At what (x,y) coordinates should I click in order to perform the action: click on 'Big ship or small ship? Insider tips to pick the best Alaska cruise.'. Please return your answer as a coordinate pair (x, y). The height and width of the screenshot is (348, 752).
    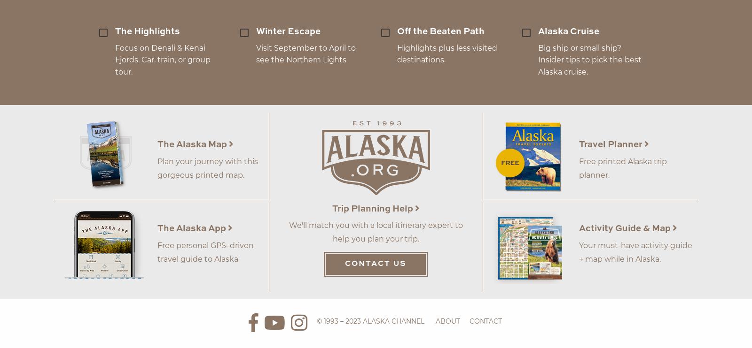
    Looking at the image, I should click on (538, 59).